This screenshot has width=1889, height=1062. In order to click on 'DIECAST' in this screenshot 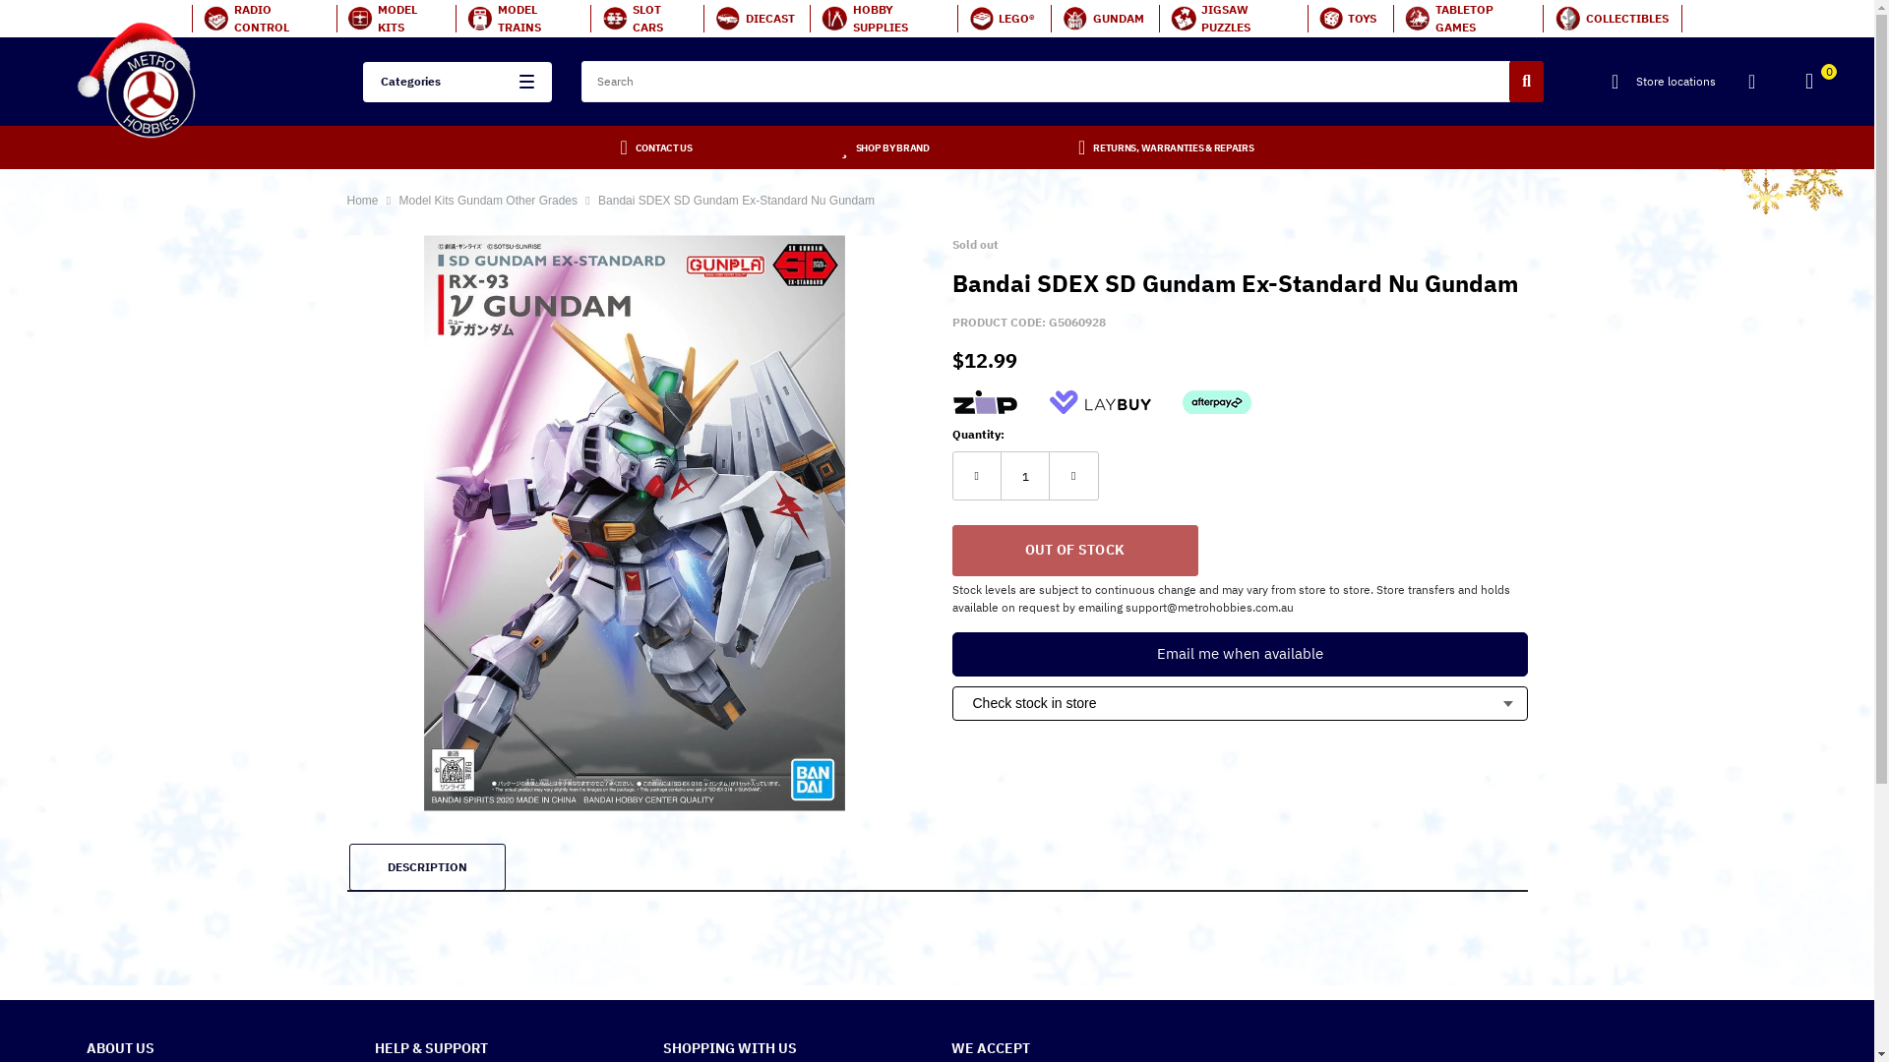, I will do `click(755, 19)`.